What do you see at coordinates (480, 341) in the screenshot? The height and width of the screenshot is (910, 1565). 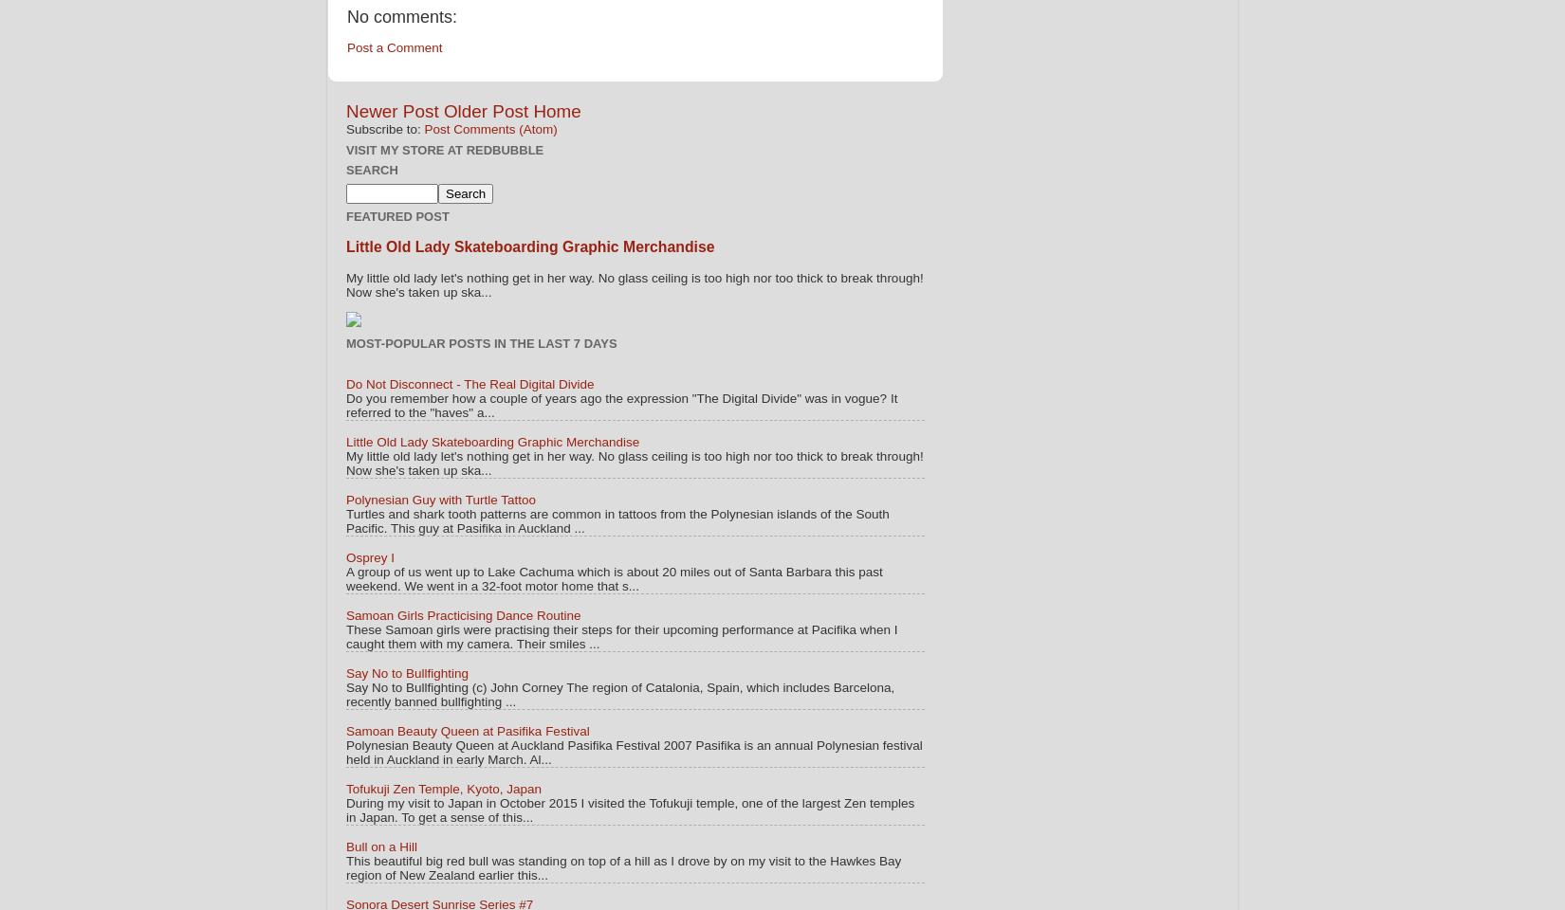 I see `'Most-Popular Posts in the Last 7 Days'` at bounding box center [480, 341].